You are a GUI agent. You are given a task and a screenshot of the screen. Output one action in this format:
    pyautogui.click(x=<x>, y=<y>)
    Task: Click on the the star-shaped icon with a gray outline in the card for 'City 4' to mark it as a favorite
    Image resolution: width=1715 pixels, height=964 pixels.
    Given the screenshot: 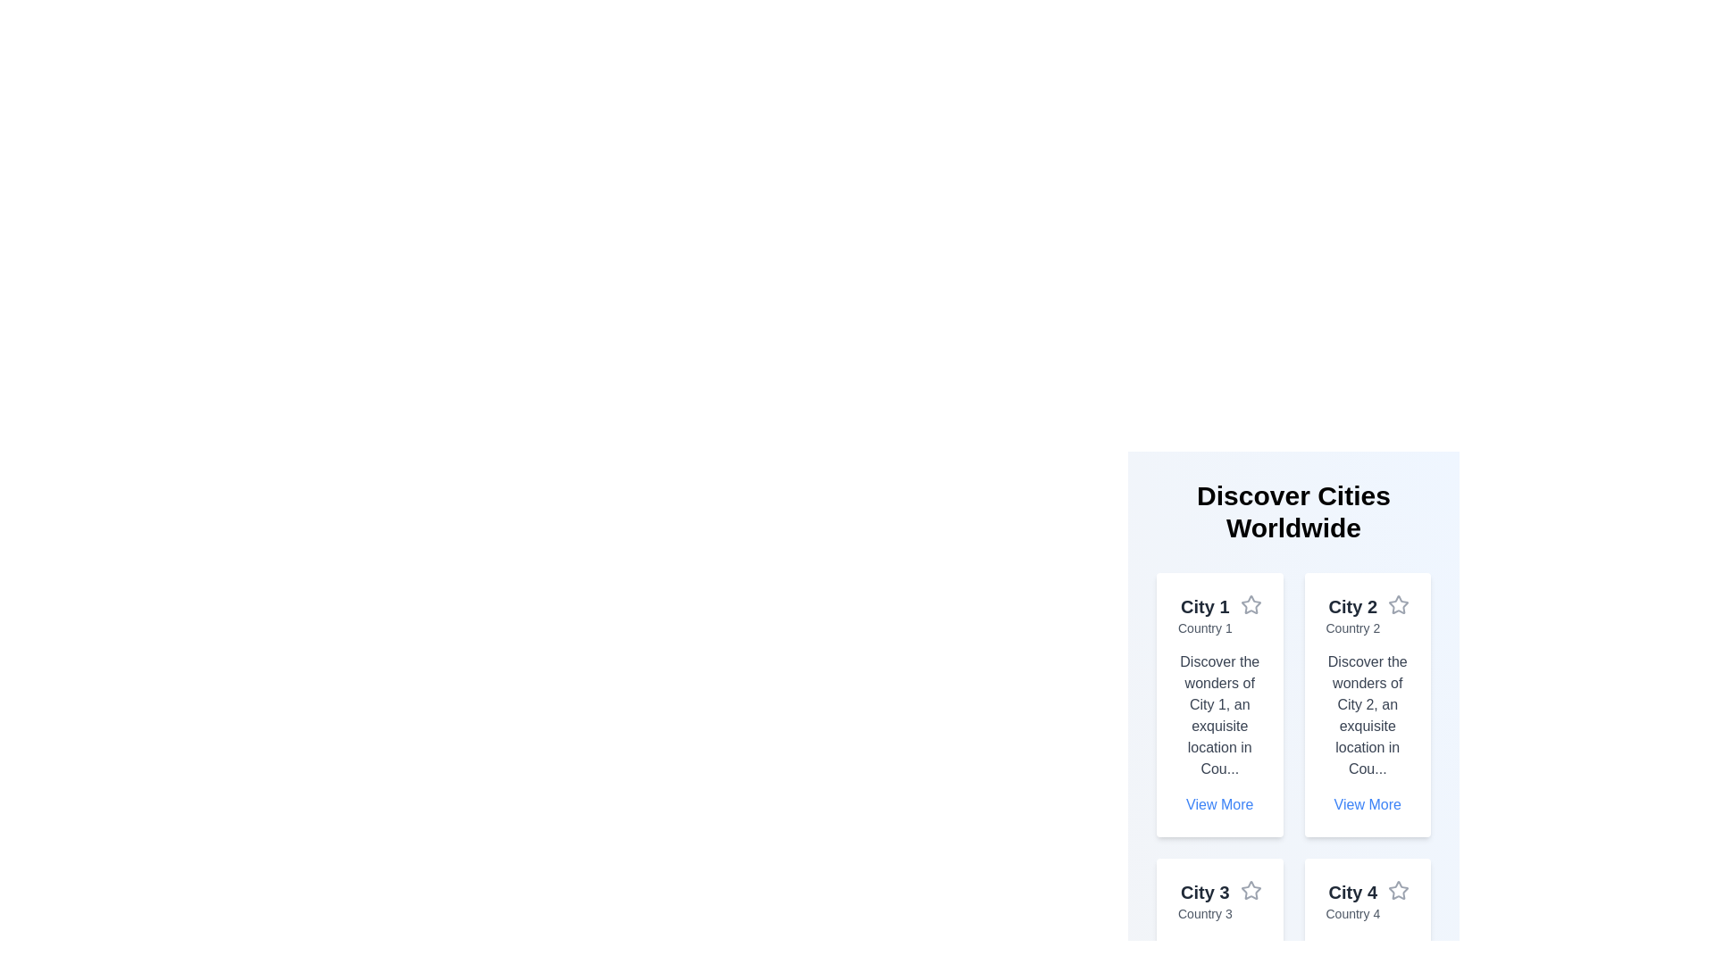 What is the action you would take?
    pyautogui.click(x=1397, y=890)
    